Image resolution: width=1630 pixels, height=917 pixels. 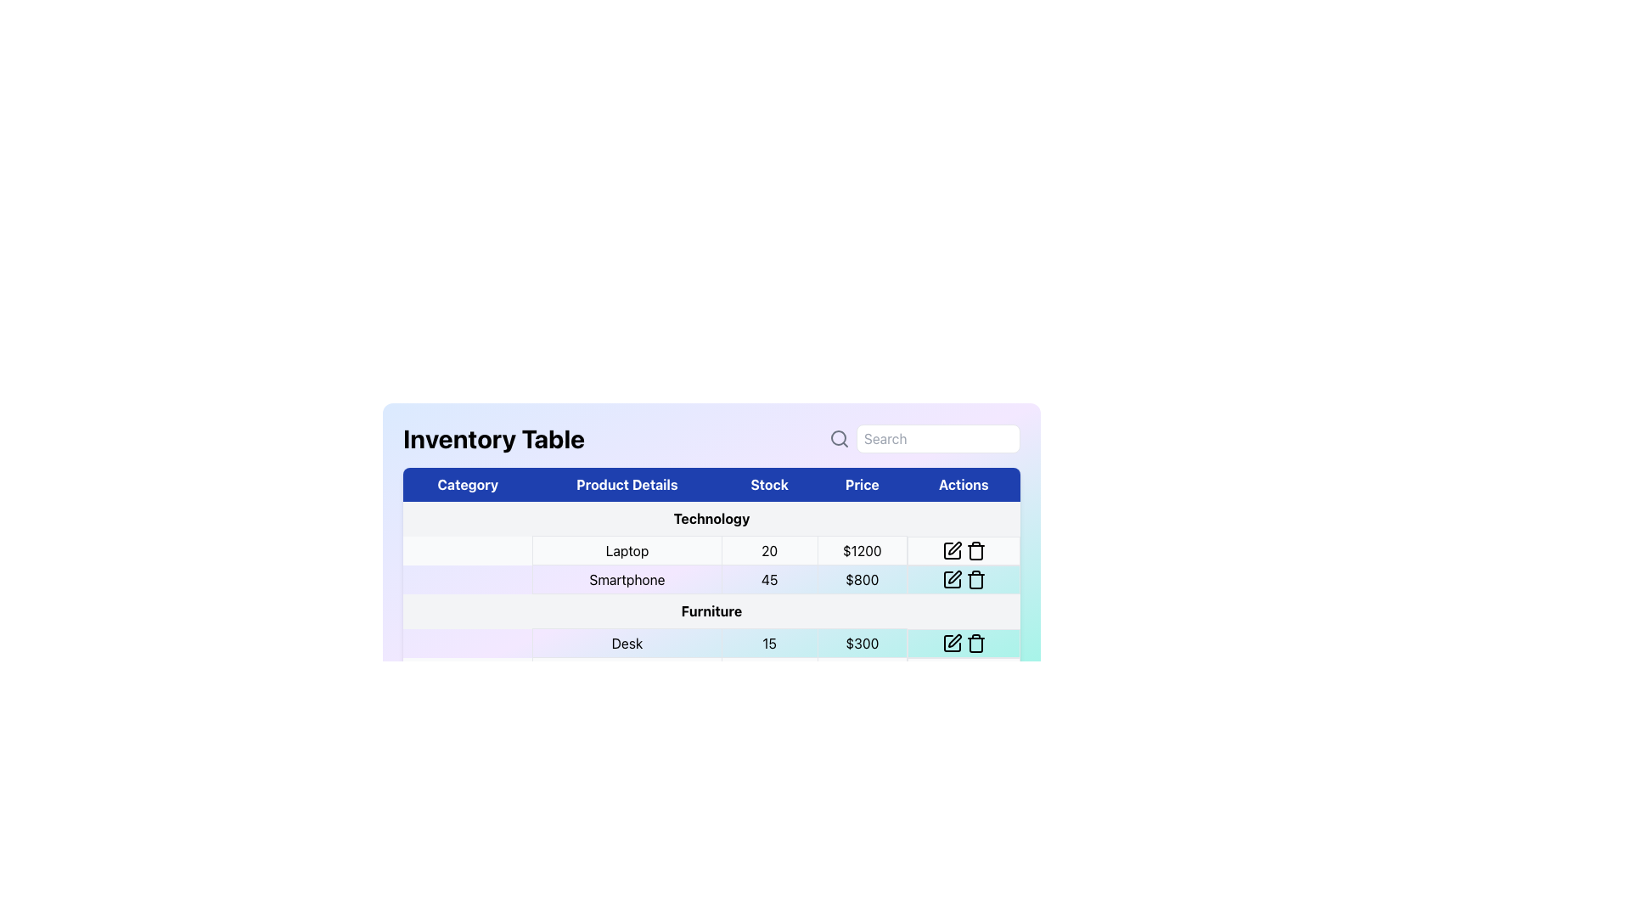 I want to click on the static text element displaying the stock count for the product 'Smartphone' in the inventory table, located in the 'Stock' column of the second row under the 'Technology' category, so click(x=768, y=578).